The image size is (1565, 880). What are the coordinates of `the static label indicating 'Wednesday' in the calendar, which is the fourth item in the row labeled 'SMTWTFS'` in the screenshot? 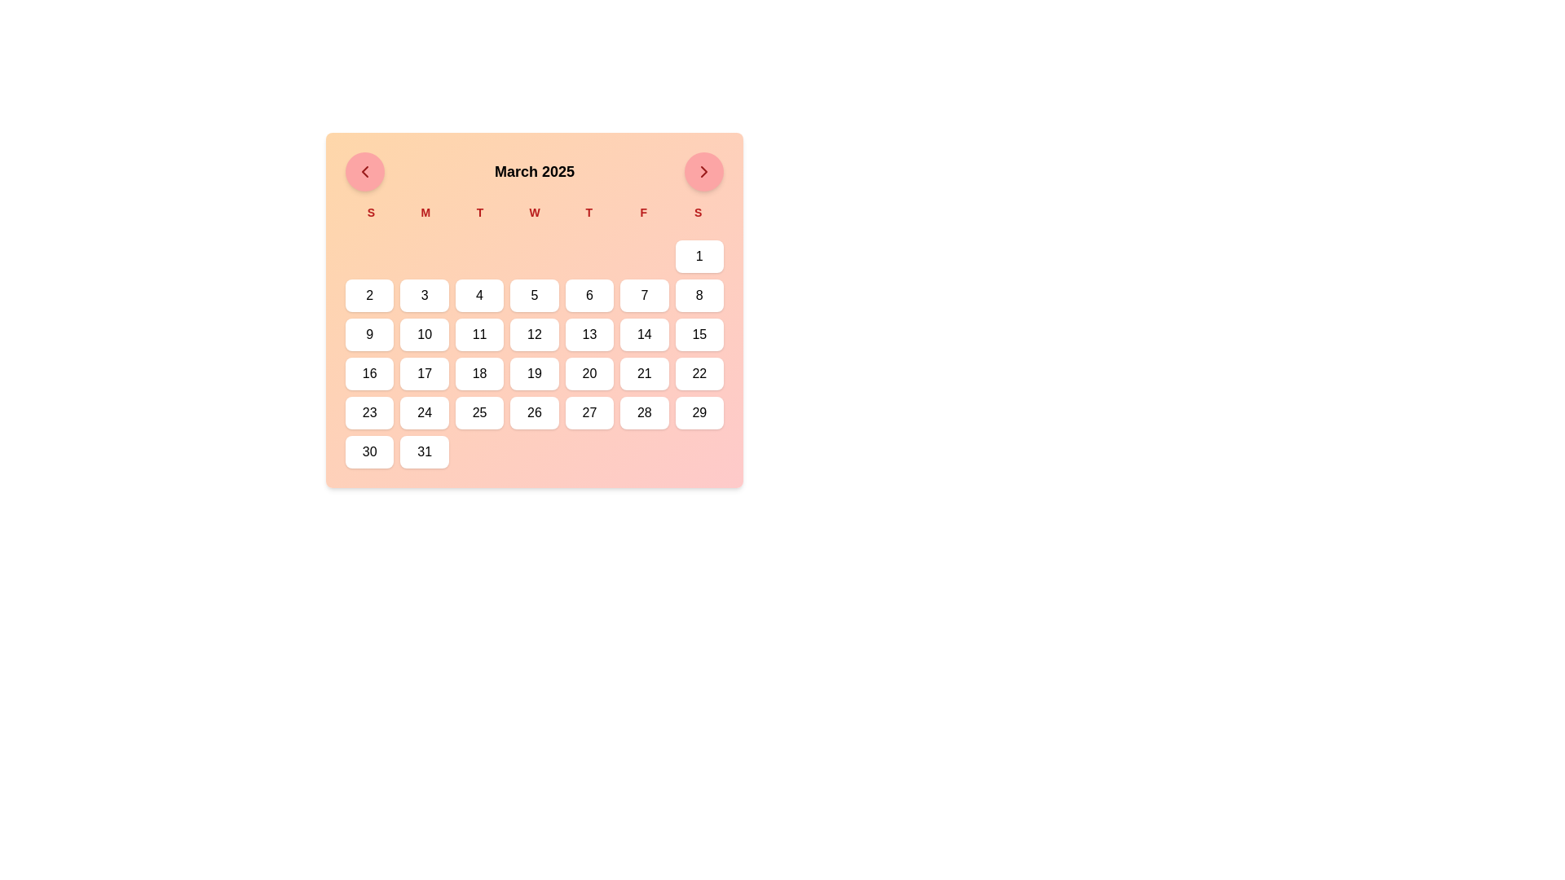 It's located at (535, 212).